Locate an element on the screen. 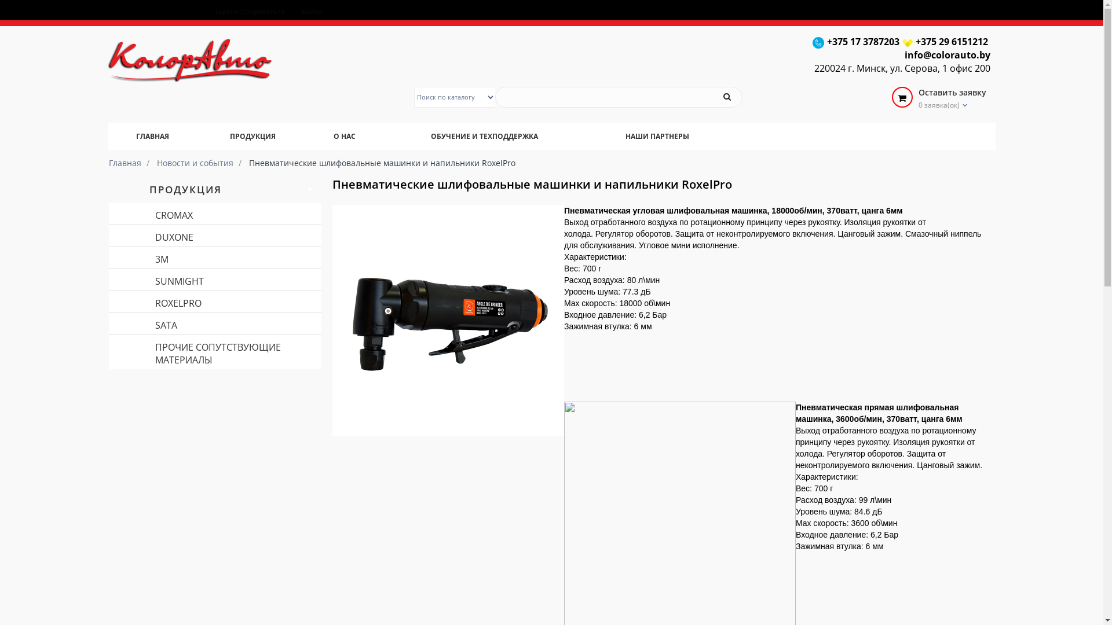 This screenshot has height=625, width=1112. '3M' is located at coordinates (215, 258).